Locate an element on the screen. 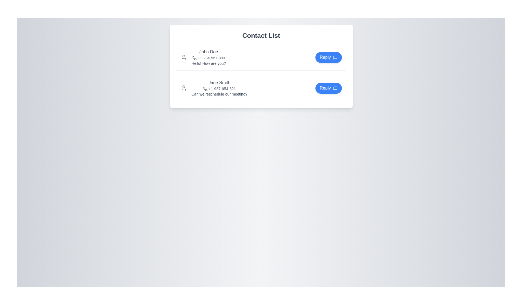  the phone number display for the contact 'John Doe', which is located on the second line of the contact card in the 'Contact List', positioned below the name and above the message is located at coordinates (208, 58).